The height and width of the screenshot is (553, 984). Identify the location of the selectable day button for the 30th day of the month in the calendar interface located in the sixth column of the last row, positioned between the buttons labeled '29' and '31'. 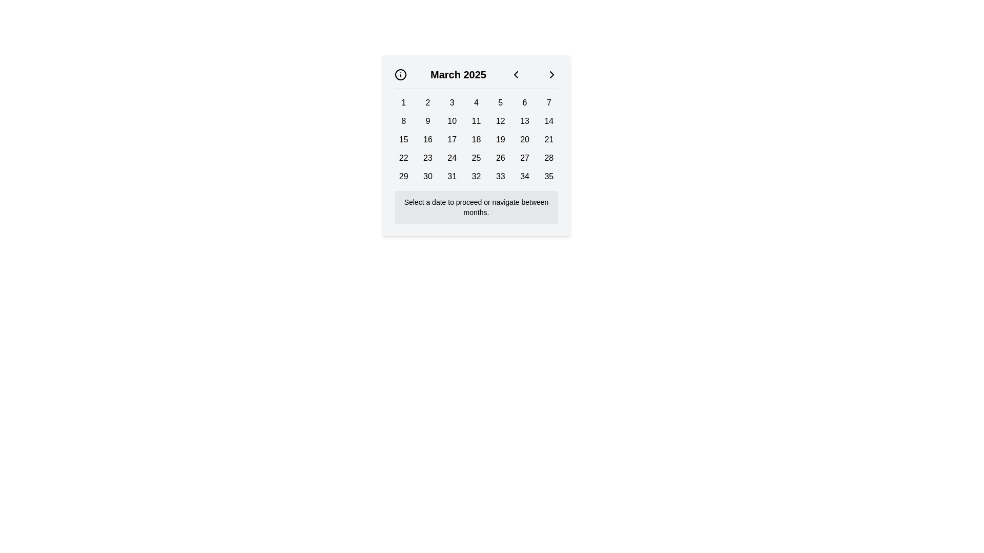
(428, 176).